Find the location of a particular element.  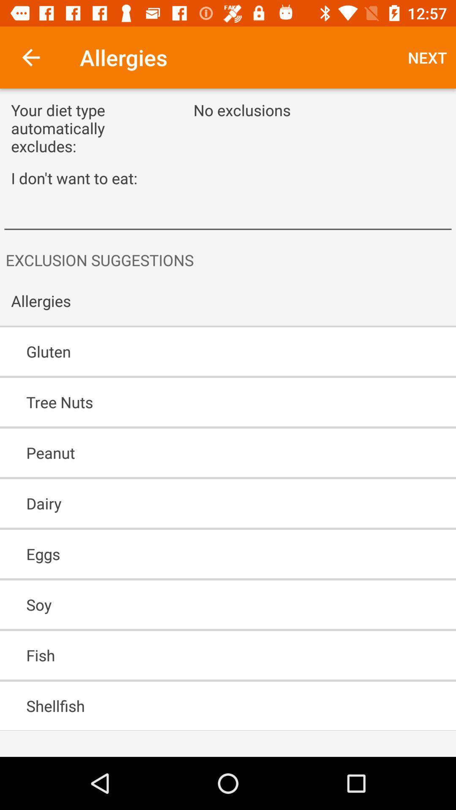

the     shellfish item is located at coordinates (204, 706).